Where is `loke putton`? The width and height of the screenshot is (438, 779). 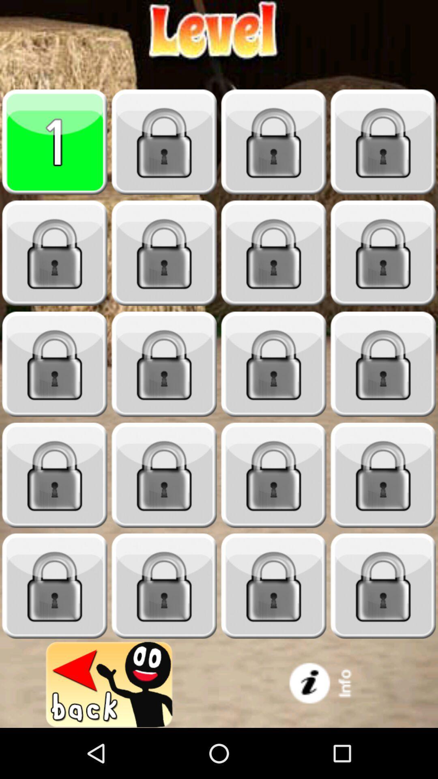 loke putton is located at coordinates (383, 253).